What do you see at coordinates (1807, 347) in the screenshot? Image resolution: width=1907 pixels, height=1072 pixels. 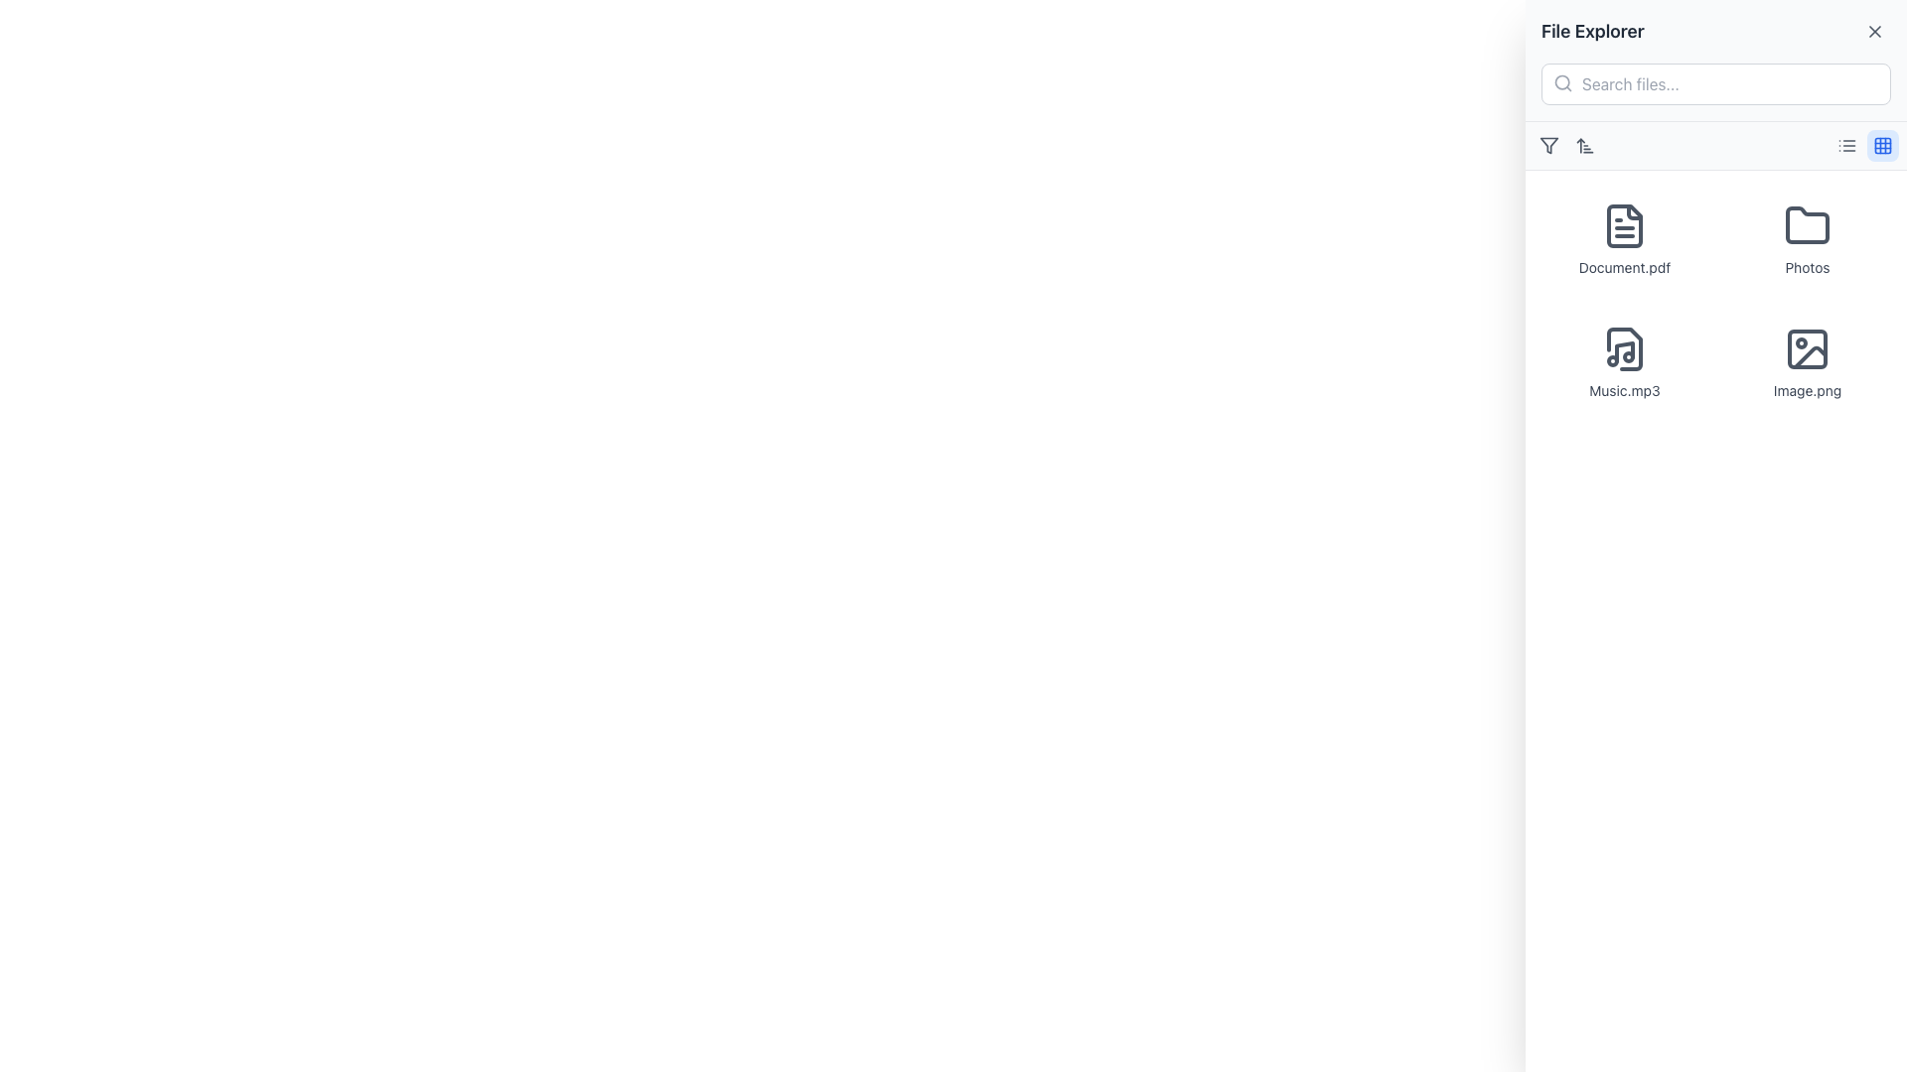 I see `the small gray rounded rectangle located at the upper-left corner of the image icon in the file explorer interface` at bounding box center [1807, 347].